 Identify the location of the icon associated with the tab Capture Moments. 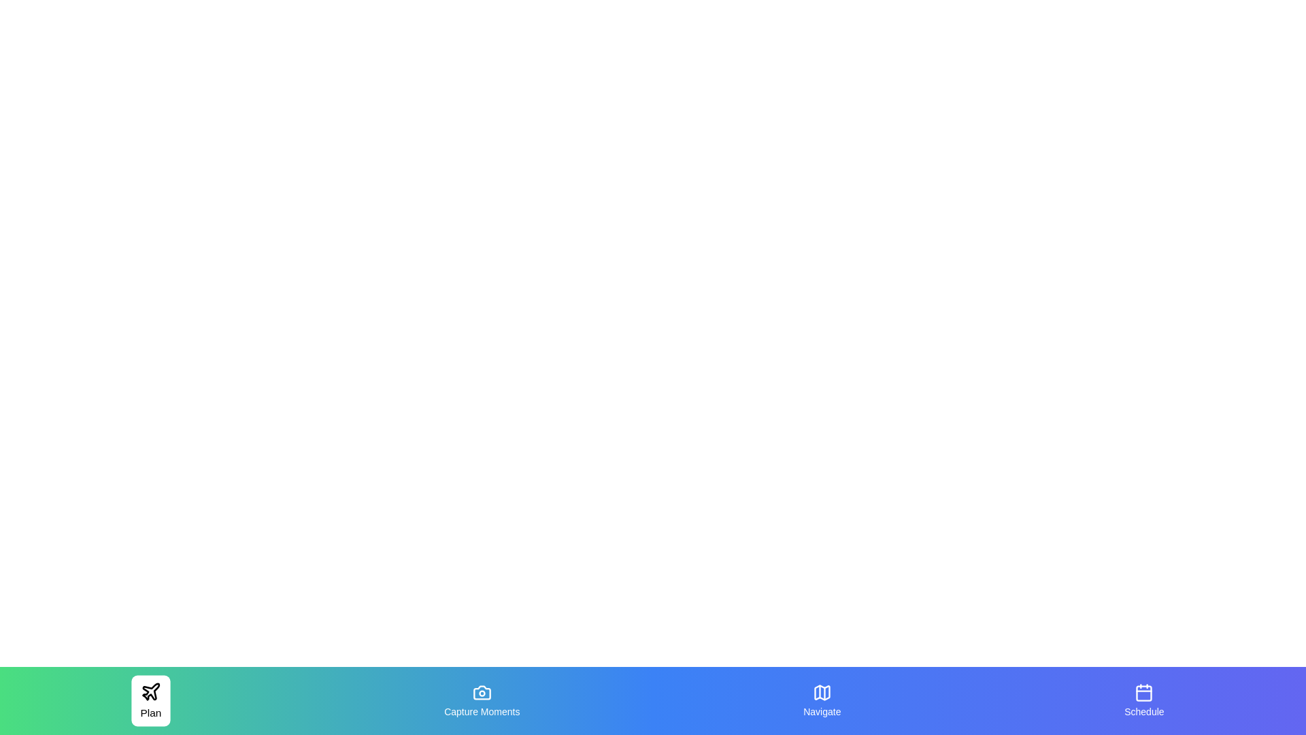
(482, 693).